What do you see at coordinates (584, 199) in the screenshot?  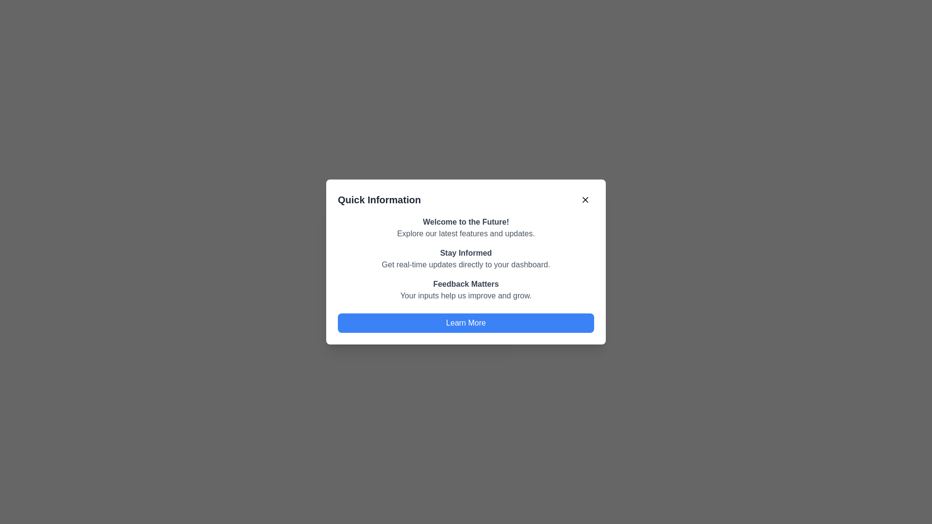 I see `the close button icon located at the top-right corner of the 'Quick Information' popup dialog for accessibility` at bounding box center [584, 199].